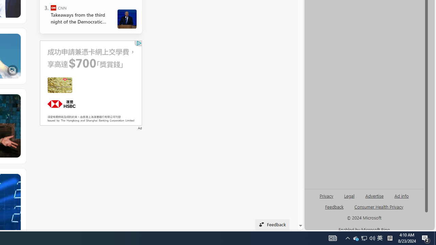 The image size is (436, 245). What do you see at coordinates (90, 82) in the screenshot?
I see `'AutomationID: canvas'` at bounding box center [90, 82].